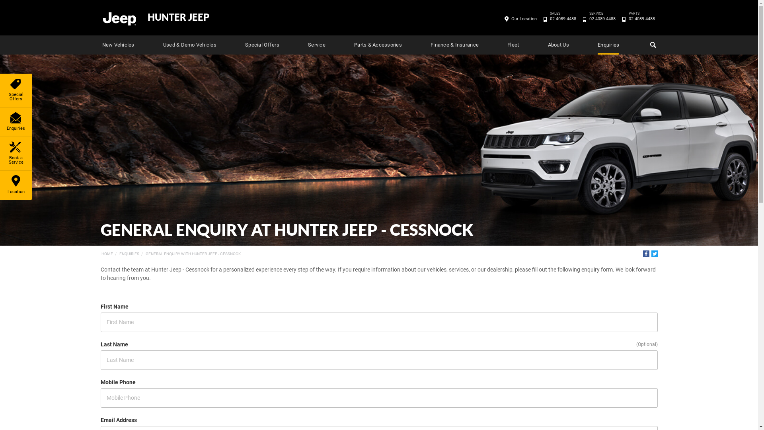  I want to click on 'Twitter', so click(654, 253).